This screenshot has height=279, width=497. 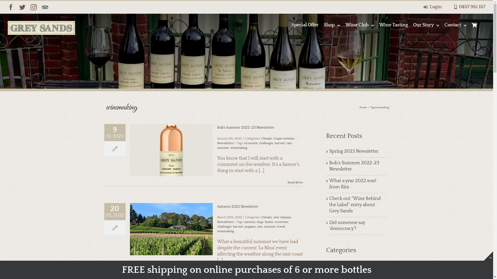 I want to click on 'Wine Tasting', so click(x=379, y=28).